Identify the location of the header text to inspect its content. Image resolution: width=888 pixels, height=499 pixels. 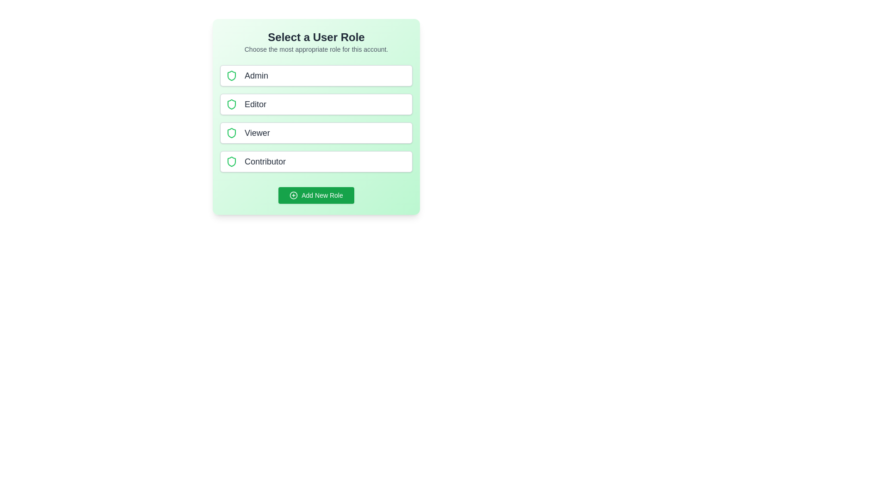
(316, 37).